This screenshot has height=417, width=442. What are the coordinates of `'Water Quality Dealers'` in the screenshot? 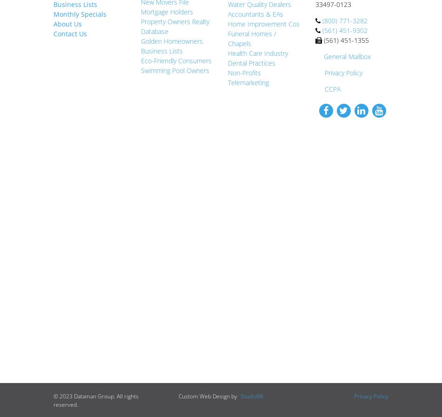 It's located at (260, 4).